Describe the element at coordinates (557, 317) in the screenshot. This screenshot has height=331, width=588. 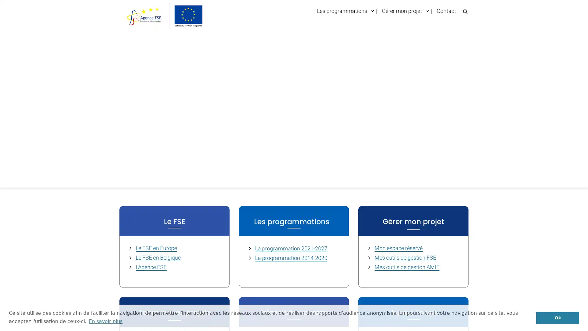
I see `dismiss cookie message` at that location.